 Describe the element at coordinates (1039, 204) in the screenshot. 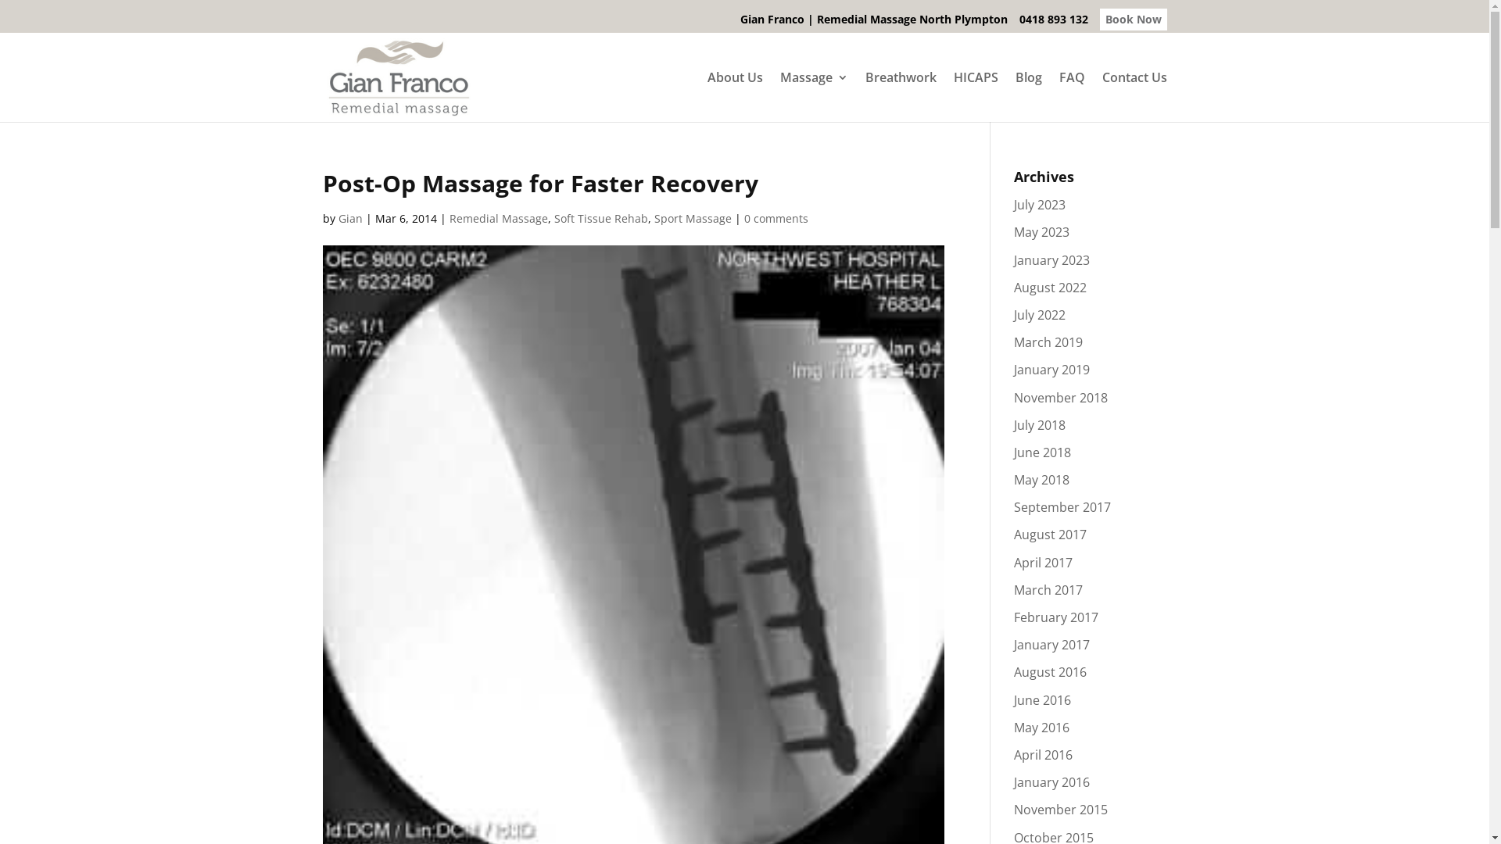

I see `'July 2023'` at that location.